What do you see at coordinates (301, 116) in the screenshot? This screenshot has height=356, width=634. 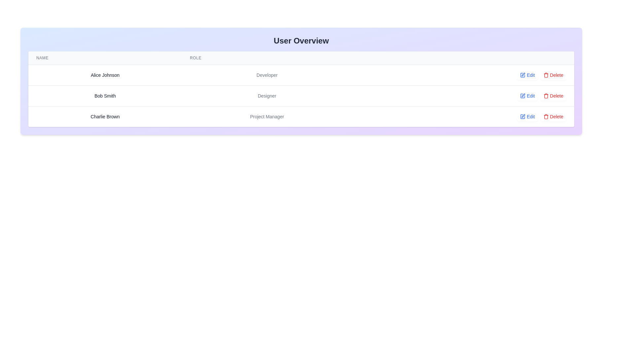 I see `data displayed in the third row of the table, which contains user details and options for editing or deleting user data` at bounding box center [301, 116].